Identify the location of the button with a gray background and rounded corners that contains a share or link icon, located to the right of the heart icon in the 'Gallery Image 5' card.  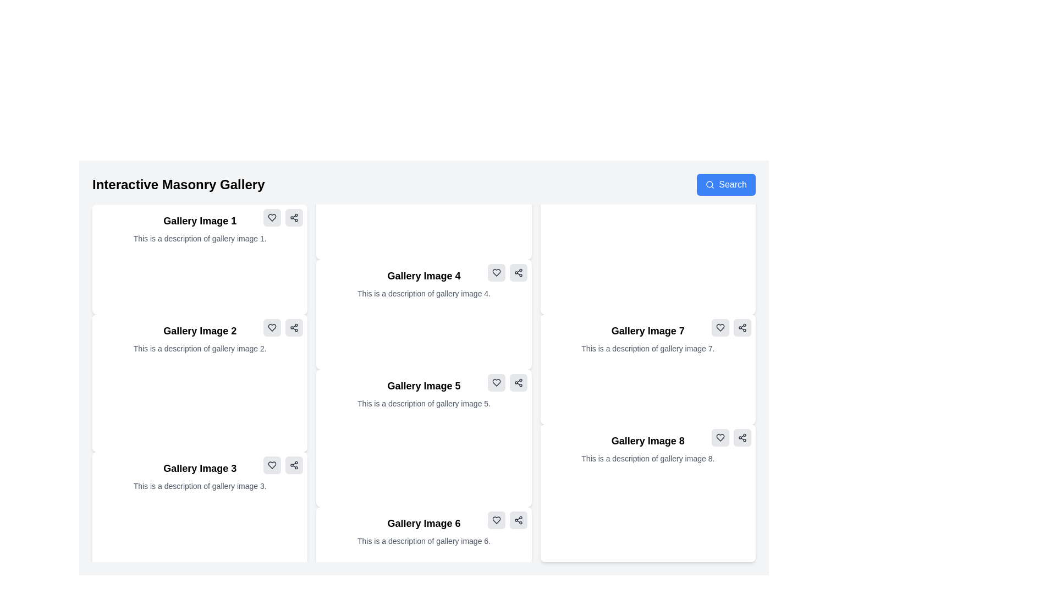
(518, 382).